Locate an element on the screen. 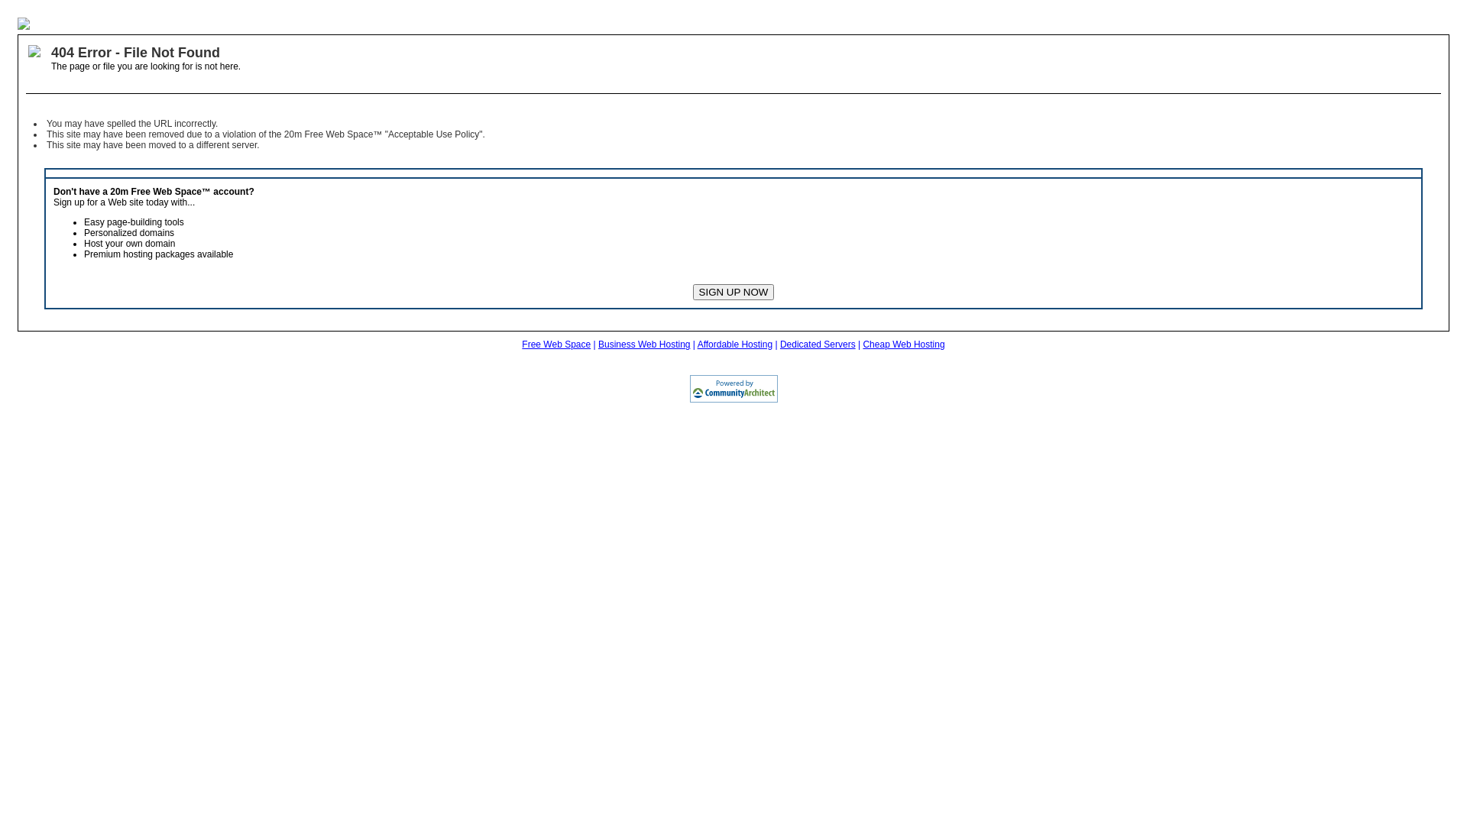 This screenshot has width=1467, height=825. 'Dedicated Servers' is located at coordinates (817, 345).